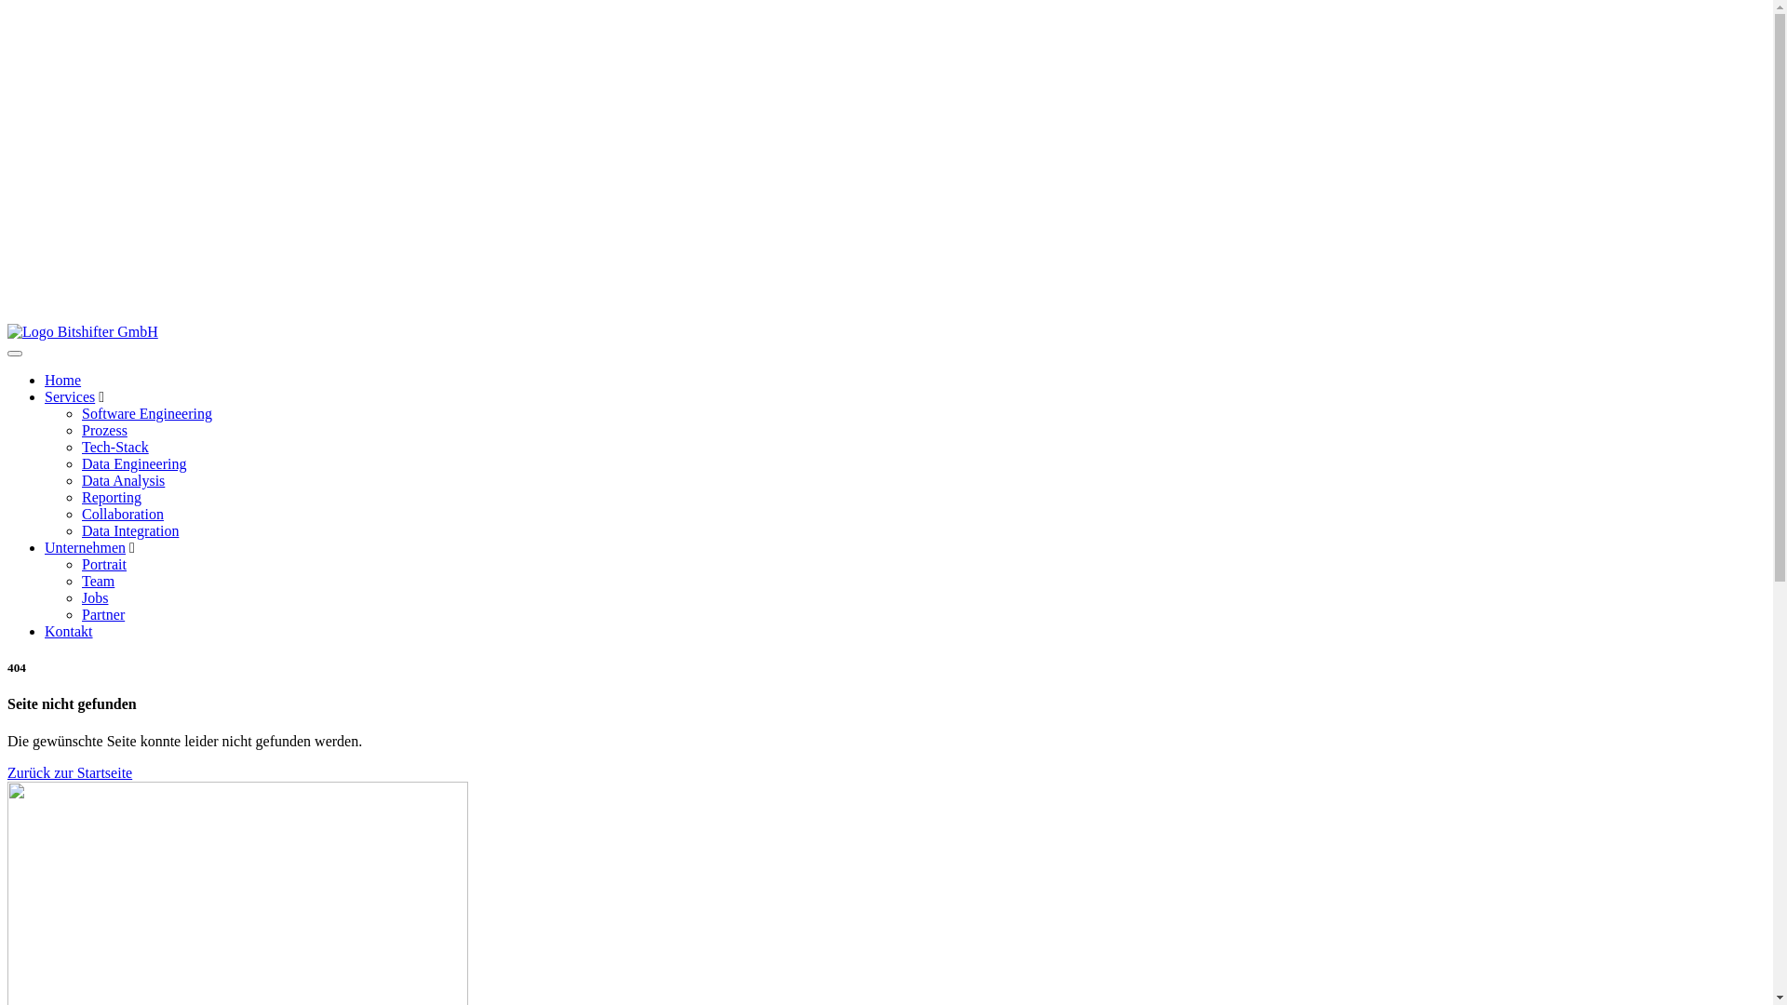 This screenshot has width=1787, height=1005. I want to click on 'Tech-Stack', so click(80, 447).